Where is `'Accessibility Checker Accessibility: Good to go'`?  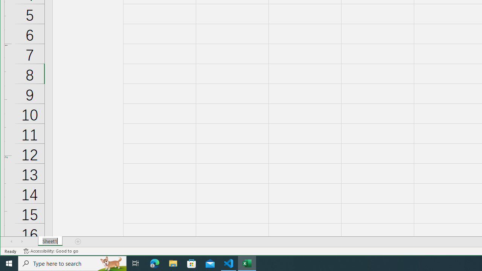
'Accessibility Checker Accessibility: Good to go' is located at coordinates (50, 251).